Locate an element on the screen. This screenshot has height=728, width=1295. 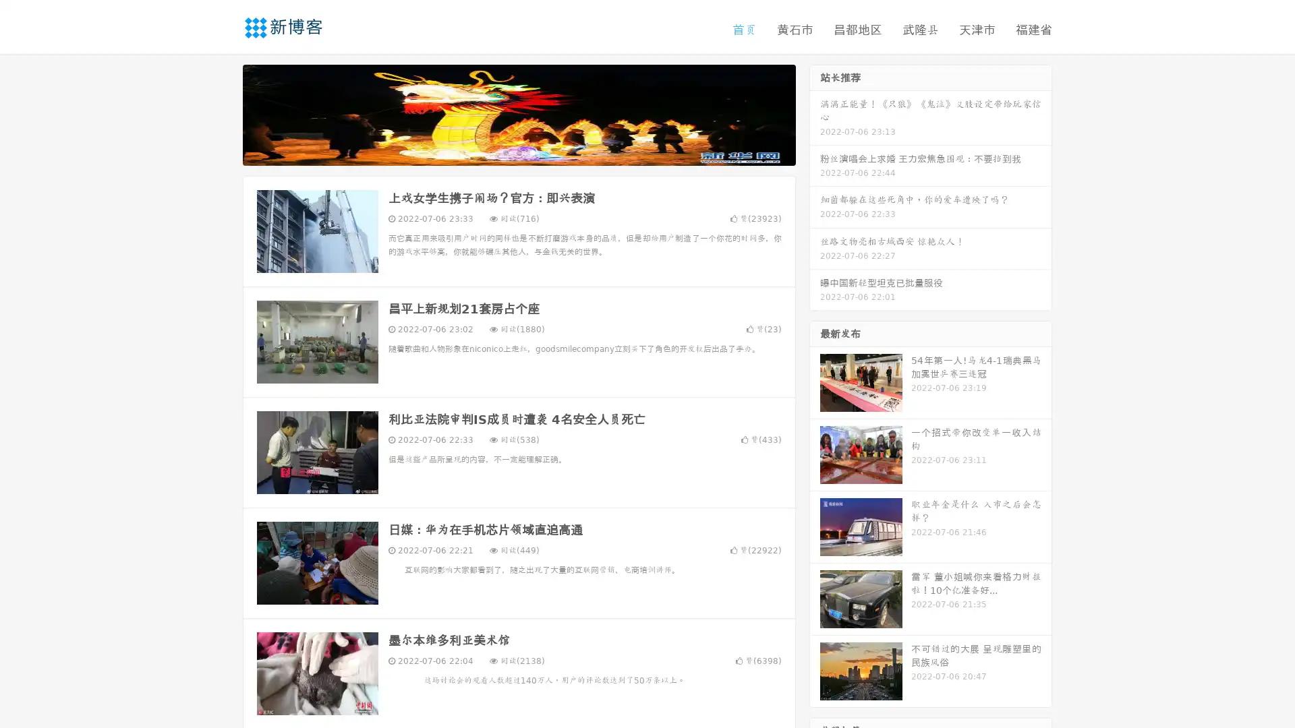
Go to slide 3 is located at coordinates (532, 152).